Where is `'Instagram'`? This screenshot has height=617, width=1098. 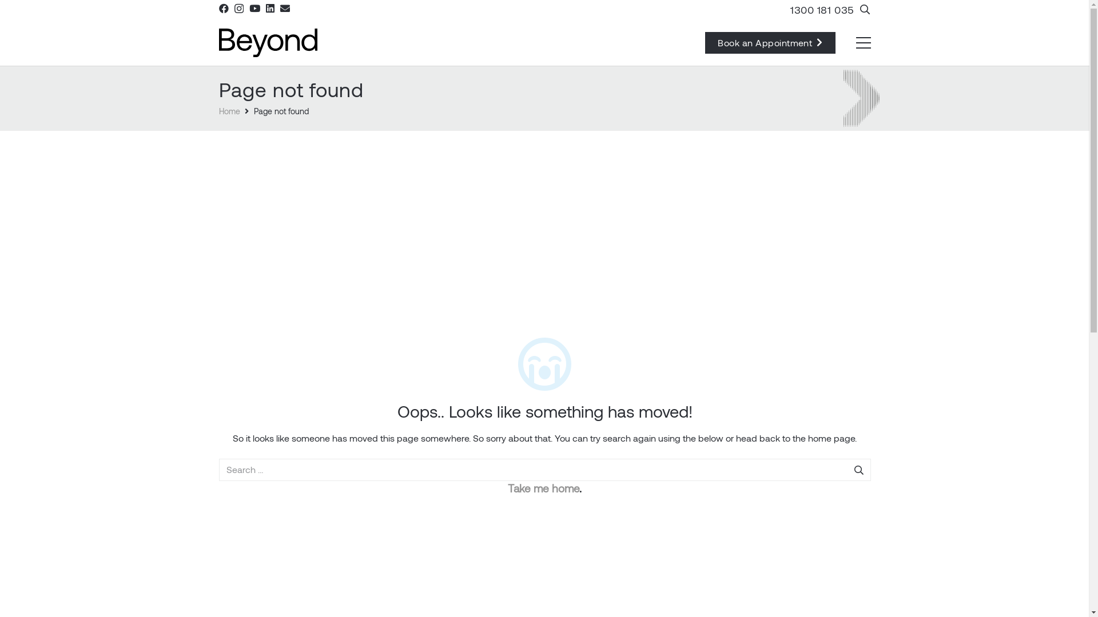
'Instagram' is located at coordinates (592, 499).